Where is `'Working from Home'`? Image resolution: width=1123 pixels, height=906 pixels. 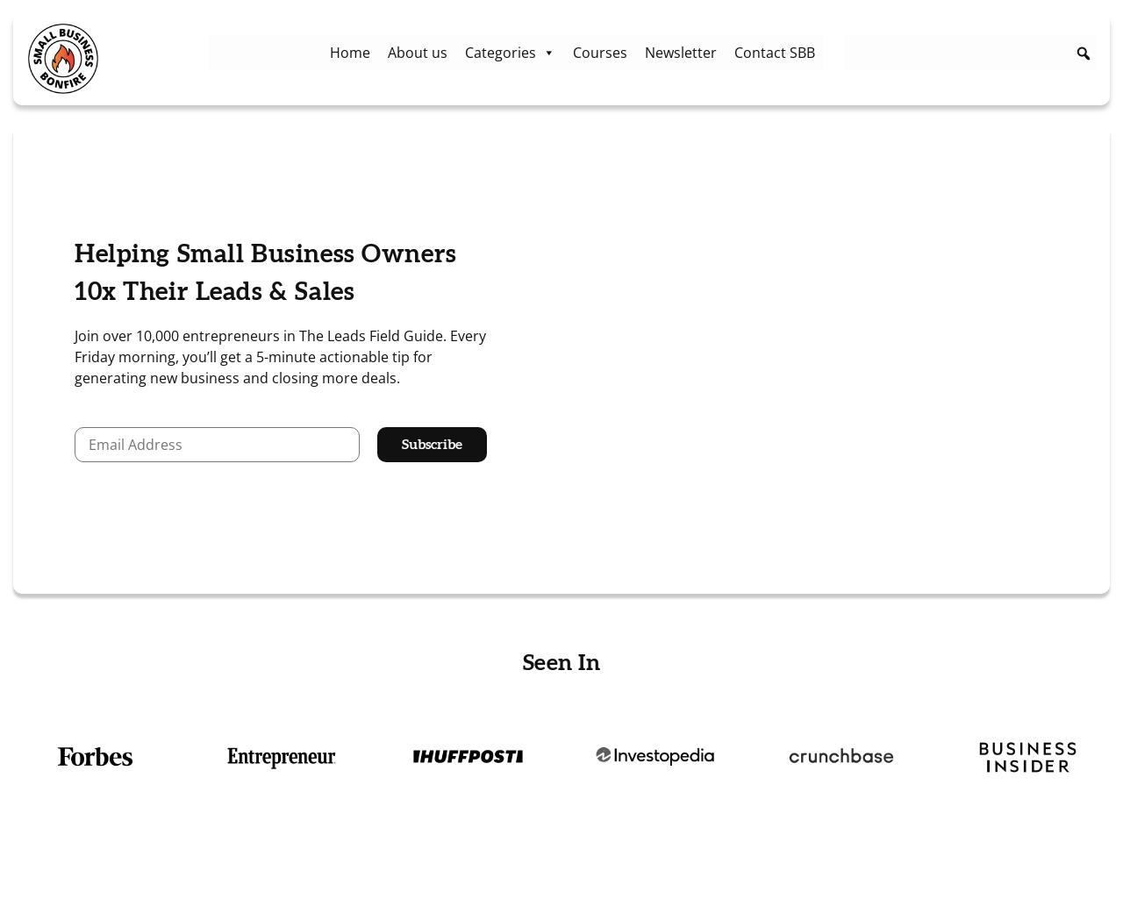
'Working from Home' is located at coordinates (531, 217).